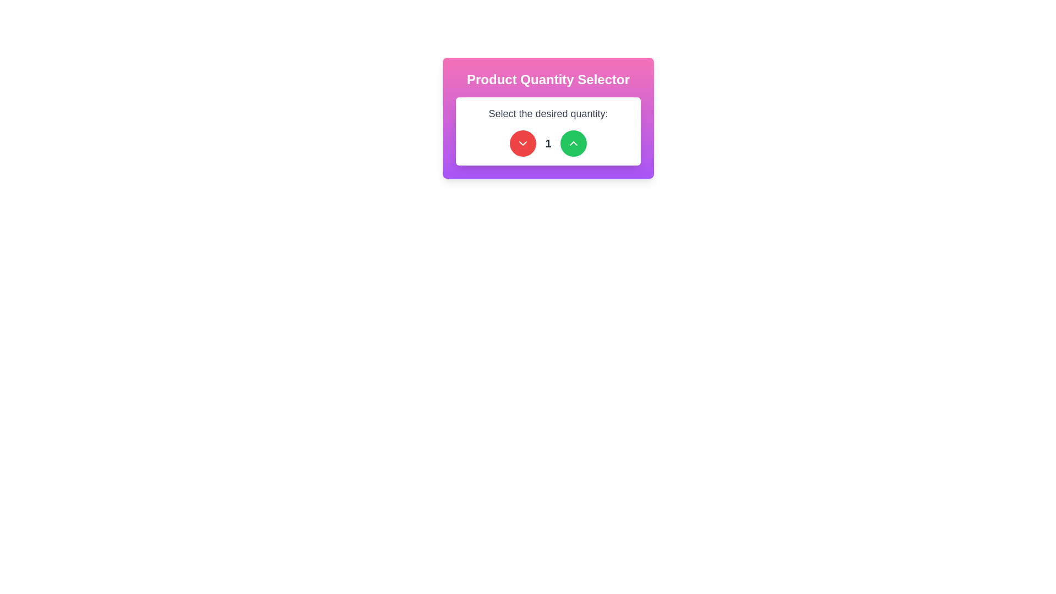 This screenshot has width=1056, height=594. What do you see at coordinates (573, 143) in the screenshot?
I see `the increment button located to the right of the text '1' in the 'Product Quantity Selector' section` at bounding box center [573, 143].